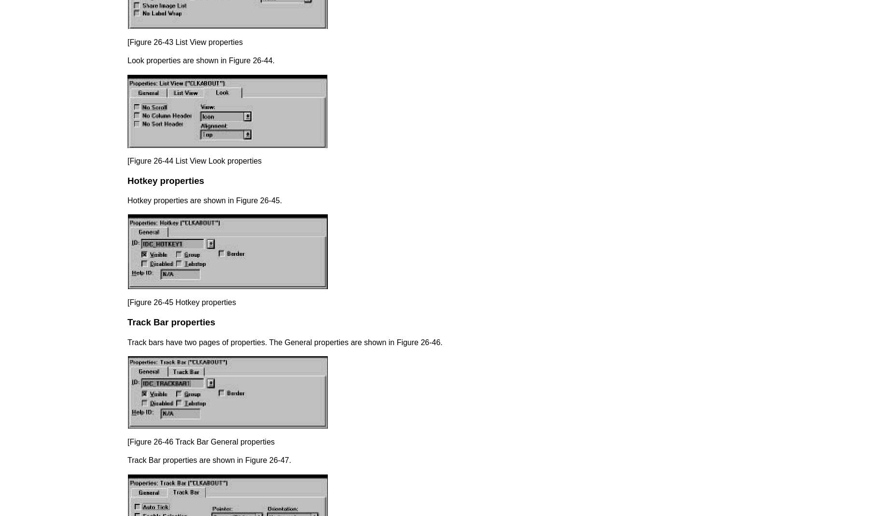  Describe the element at coordinates (201, 60) in the screenshot. I see `'Look properties are shown in Figure 26-44.'` at that location.